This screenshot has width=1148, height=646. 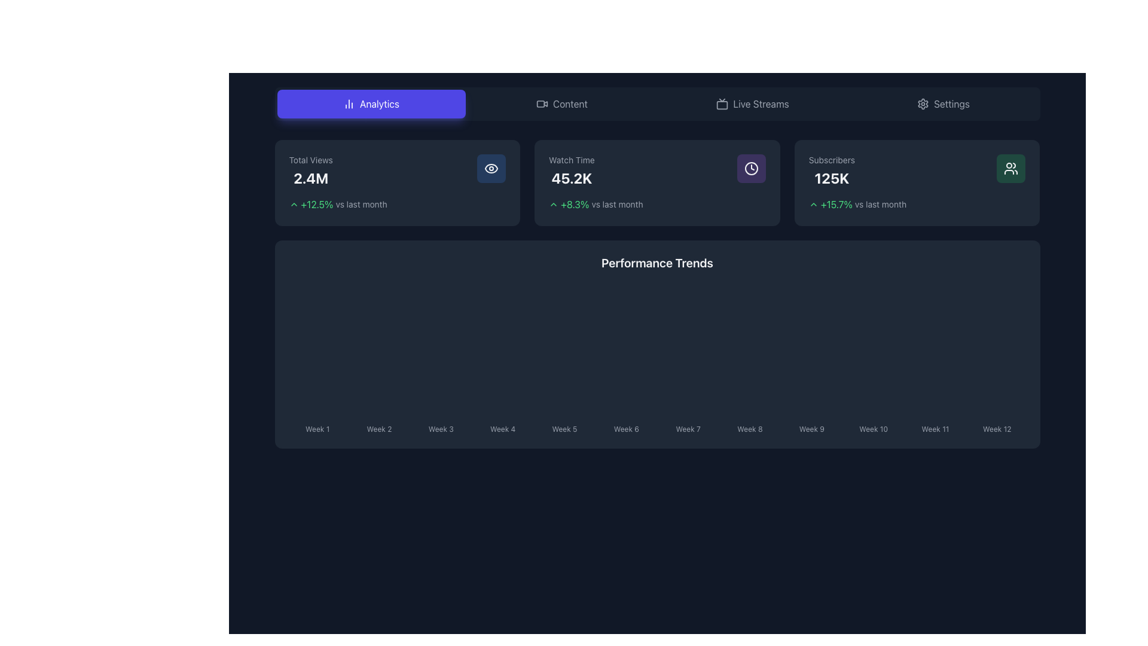 I want to click on text of the label 'Week 2', which is the second element in a sequence of similar labels aligned horizontally at the bottom of the interface, so click(x=378, y=426).